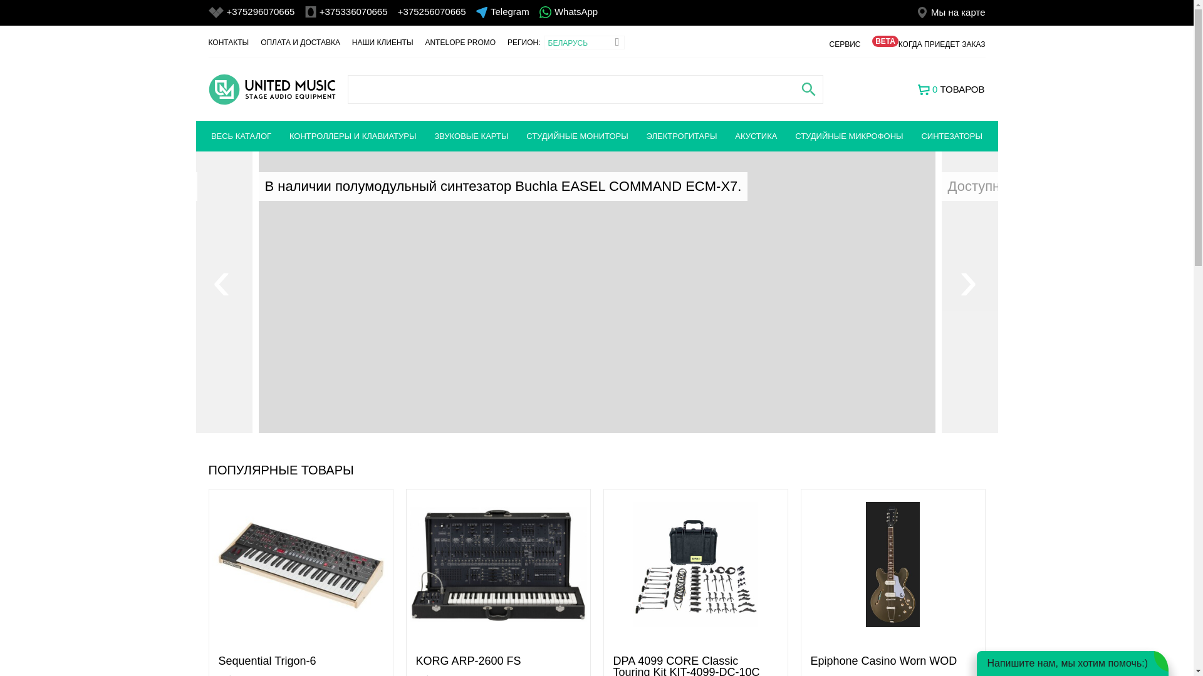  What do you see at coordinates (489, 11) in the screenshot?
I see `'Telegram'` at bounding box center [489, 11].